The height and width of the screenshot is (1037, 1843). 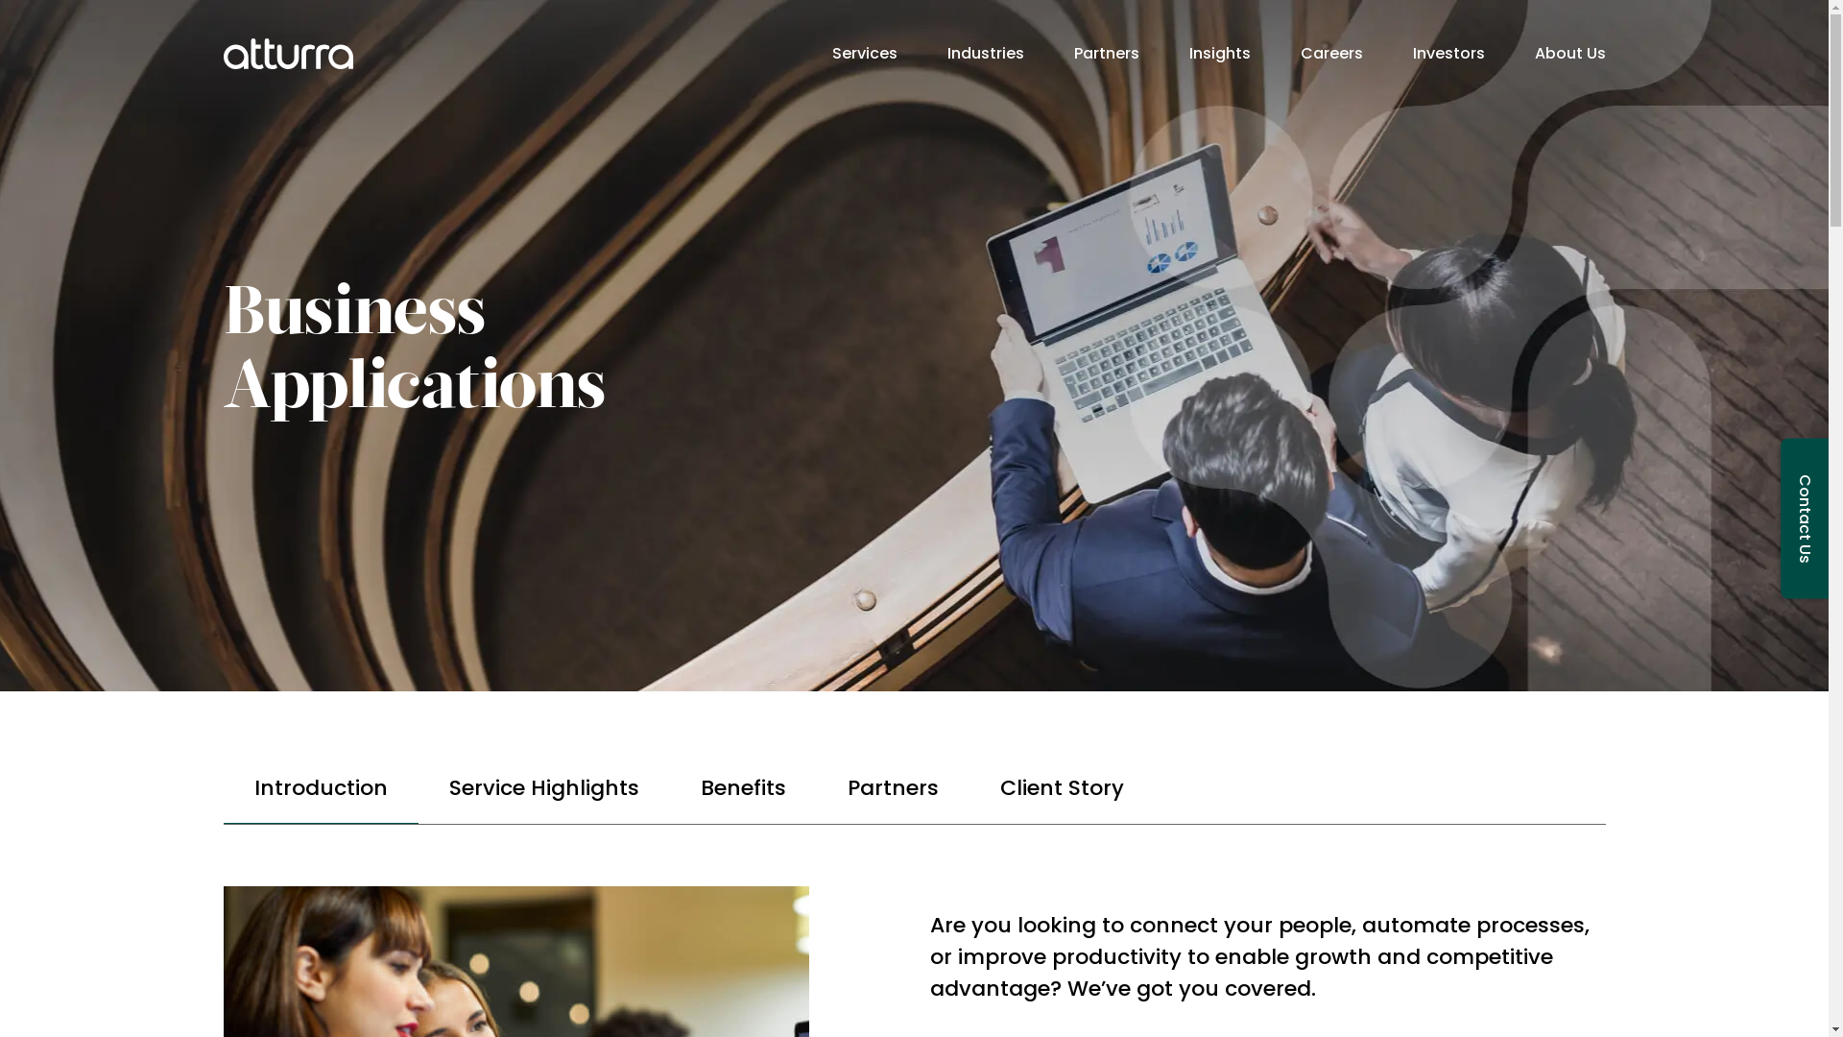 I want to click on 'Introduction', so click(x=320, y=788).